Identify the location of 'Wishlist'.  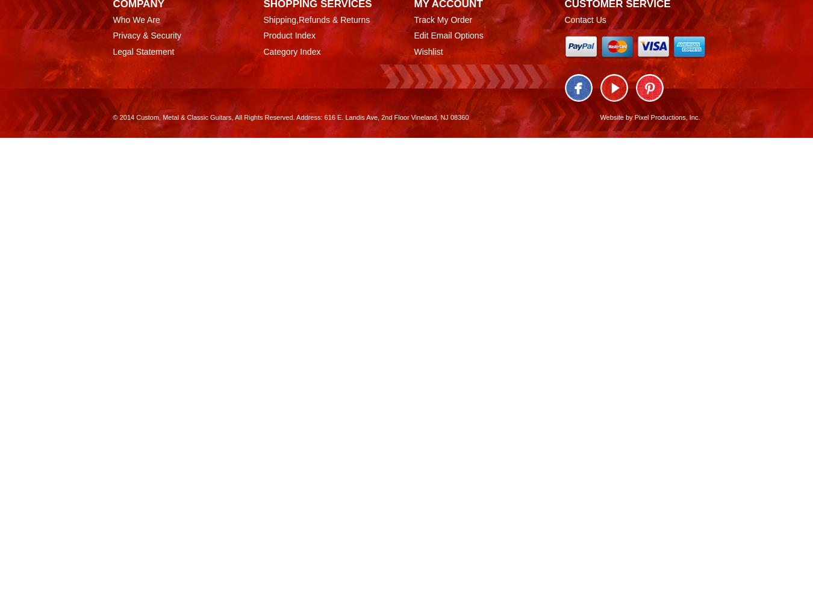
(428, 51).